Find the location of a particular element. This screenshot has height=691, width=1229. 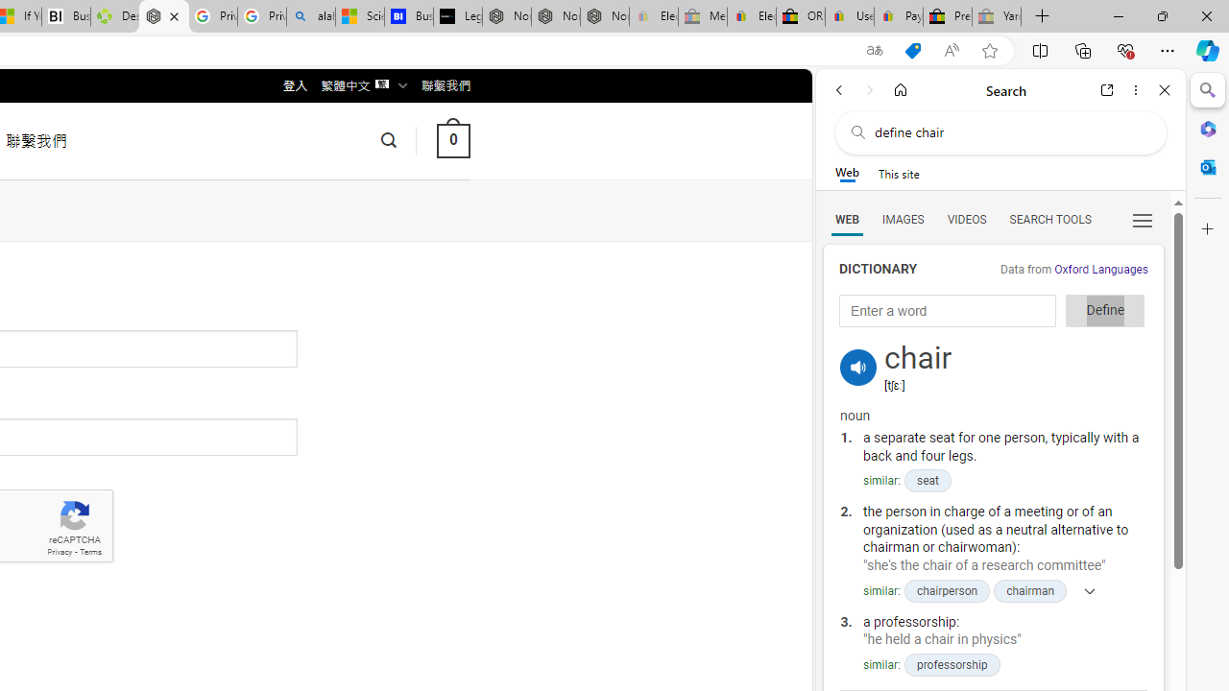

'Define' is located at coordinates (1105, 310).